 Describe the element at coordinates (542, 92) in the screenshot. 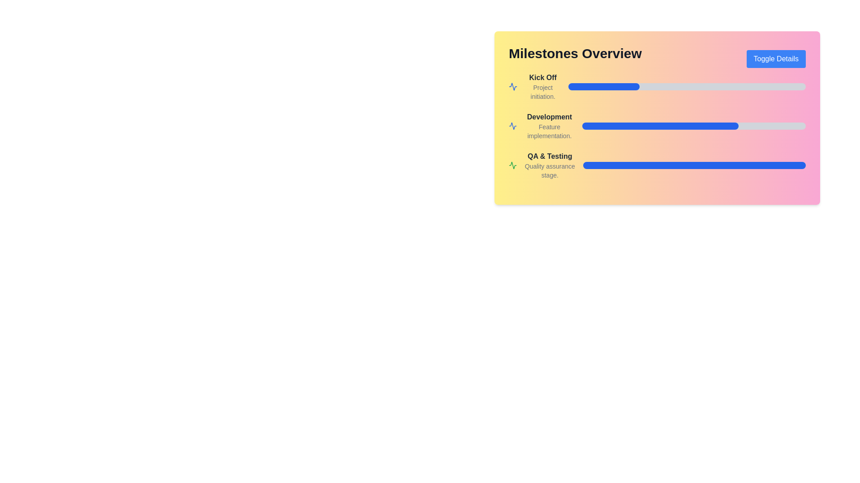

I see `the text label reading 'Project initiation.' which is located directly below the 'Kick Off' title and above a horizontal progress bar` at that location.